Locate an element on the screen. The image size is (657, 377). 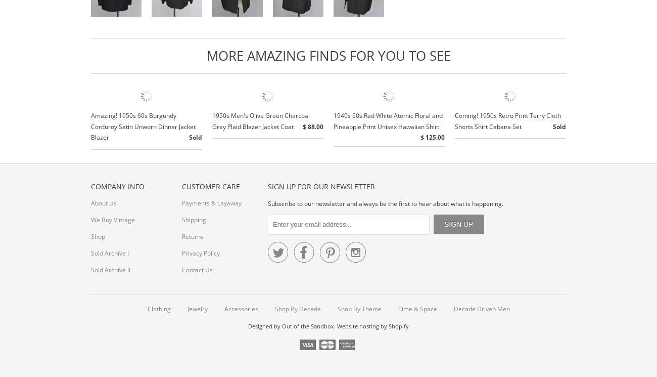
'Out of the Sandbox' is located at coordinates (308, 325).